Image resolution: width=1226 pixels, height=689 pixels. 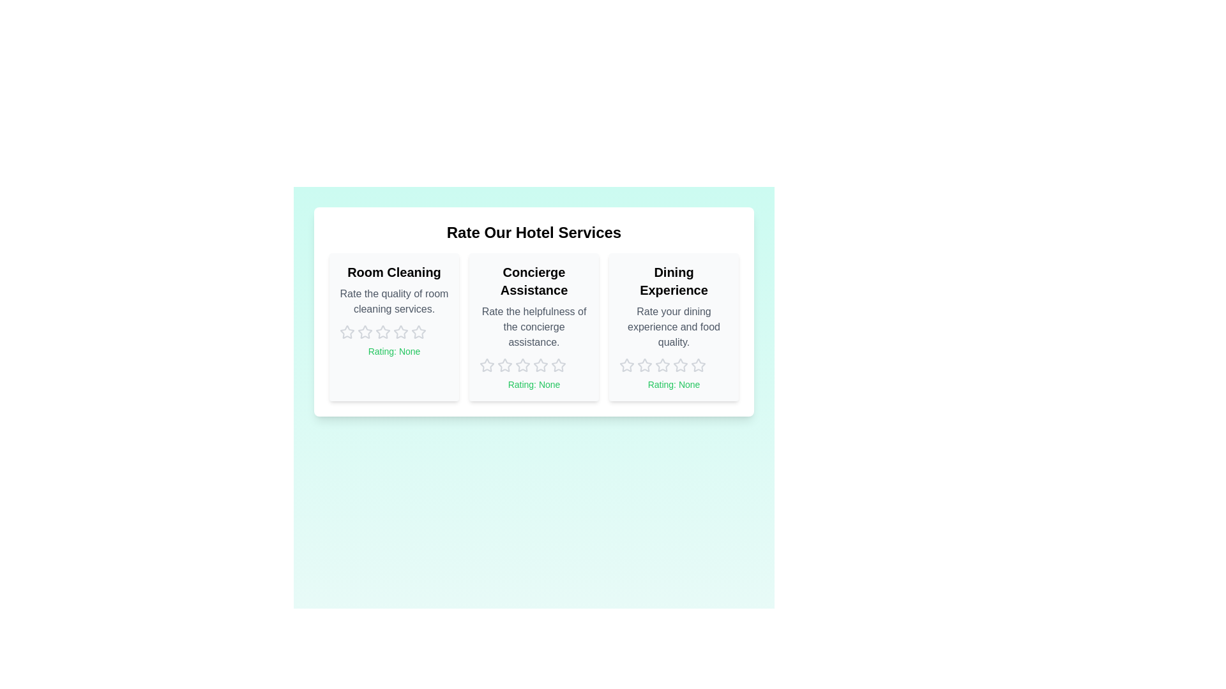 I want to click on the rating for 'Room Cleaning' to 3 stars, so click(x=382, y=331).